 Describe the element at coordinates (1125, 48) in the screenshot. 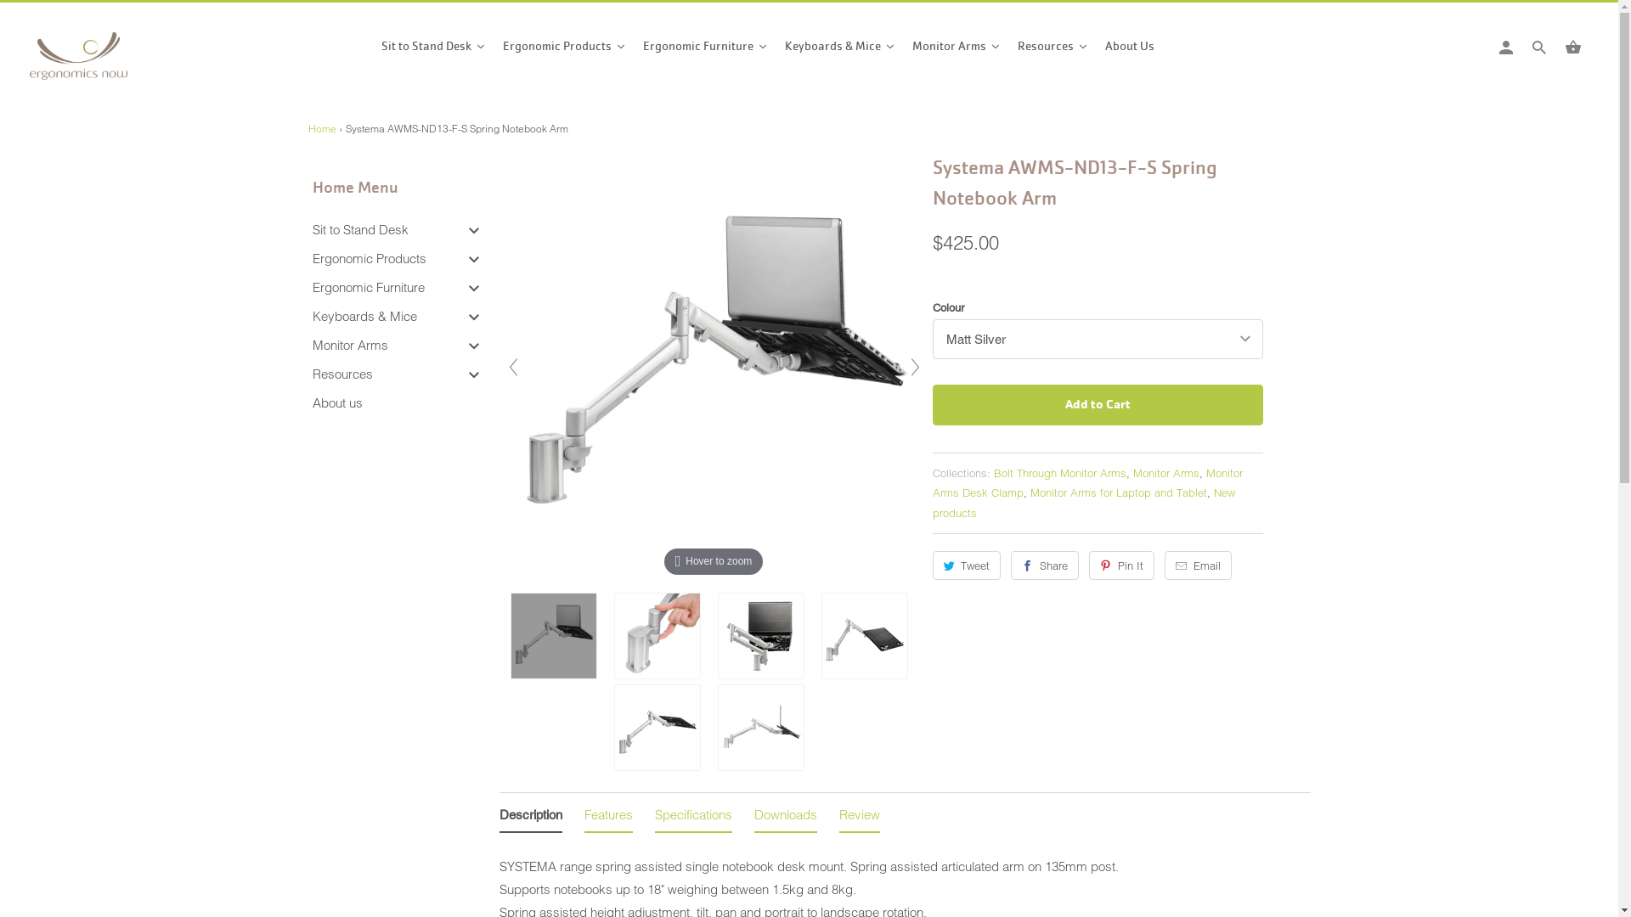

I see `'About Us'` at that location.